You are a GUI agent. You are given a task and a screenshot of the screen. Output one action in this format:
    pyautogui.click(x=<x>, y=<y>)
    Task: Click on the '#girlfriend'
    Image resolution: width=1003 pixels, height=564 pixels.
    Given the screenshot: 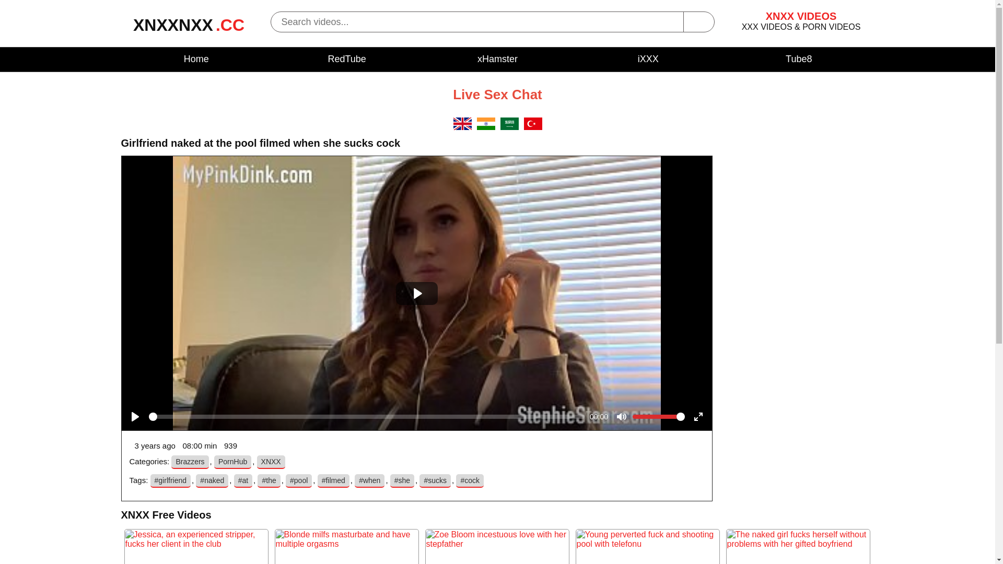 What is the action you would take?
    pyautogui.click(x=170, y=481)
    